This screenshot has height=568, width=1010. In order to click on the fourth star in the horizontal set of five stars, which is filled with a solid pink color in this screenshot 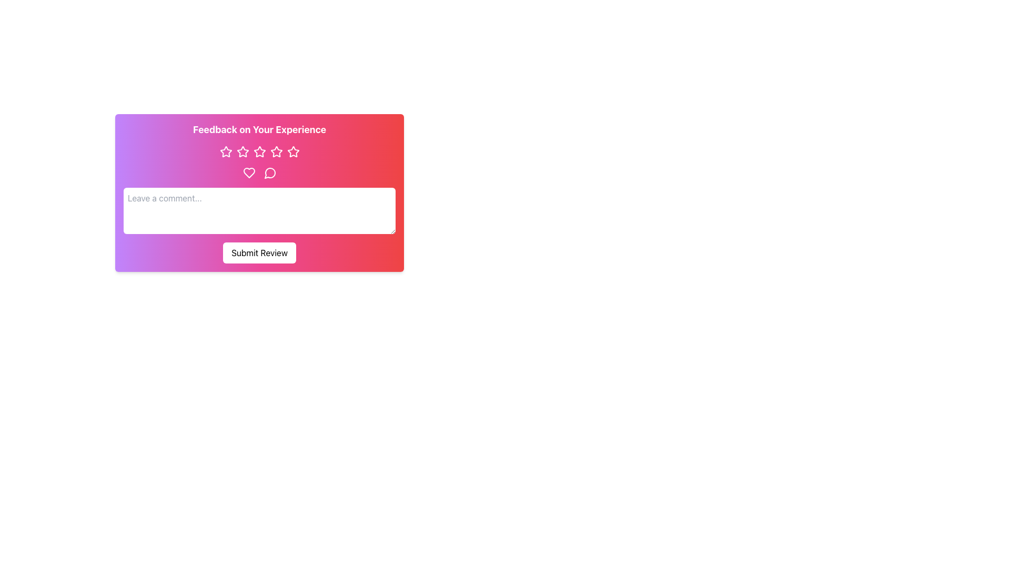, I will do `click(276, 151)`.